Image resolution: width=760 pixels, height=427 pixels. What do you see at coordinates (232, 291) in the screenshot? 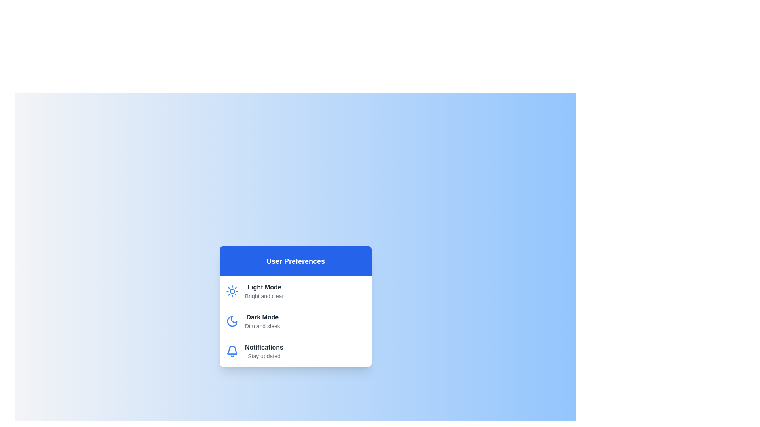
I see `the icon for the theme Light Mode to view it visually` at bounding box center [232, 291].